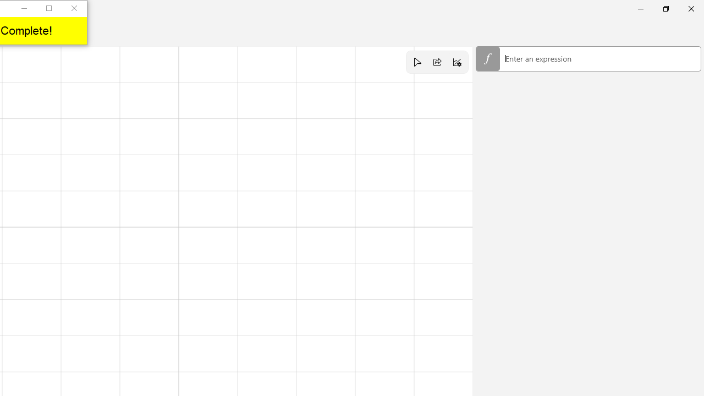 The height and width of the screenshot is (396, 704). Describe the element at coordinates (640, 8) in the screenshot. I see `'Minimize Calculator'` at that location.